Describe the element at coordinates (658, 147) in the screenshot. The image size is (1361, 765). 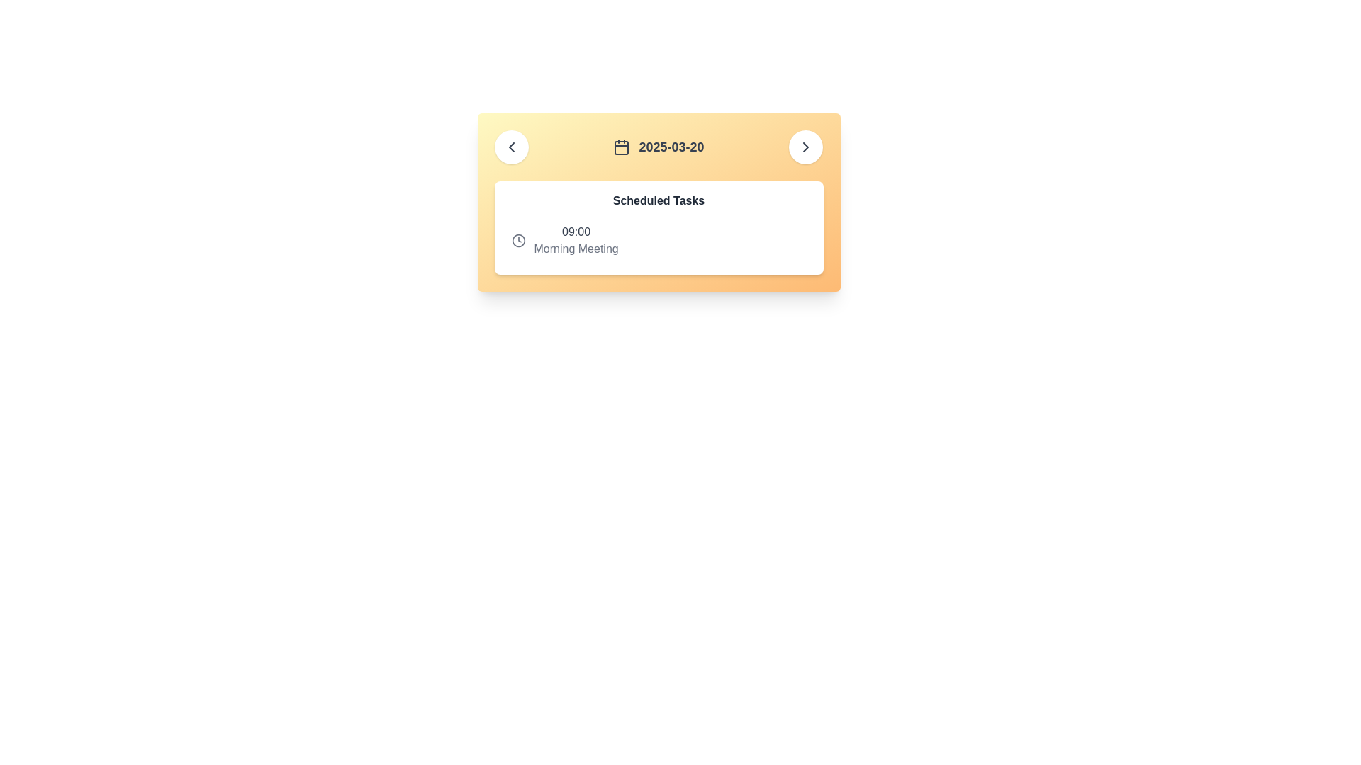
I see `the text display element that shows the selected date, located in the top center of the schedule panel, between the left and right chevron icons` at that location.